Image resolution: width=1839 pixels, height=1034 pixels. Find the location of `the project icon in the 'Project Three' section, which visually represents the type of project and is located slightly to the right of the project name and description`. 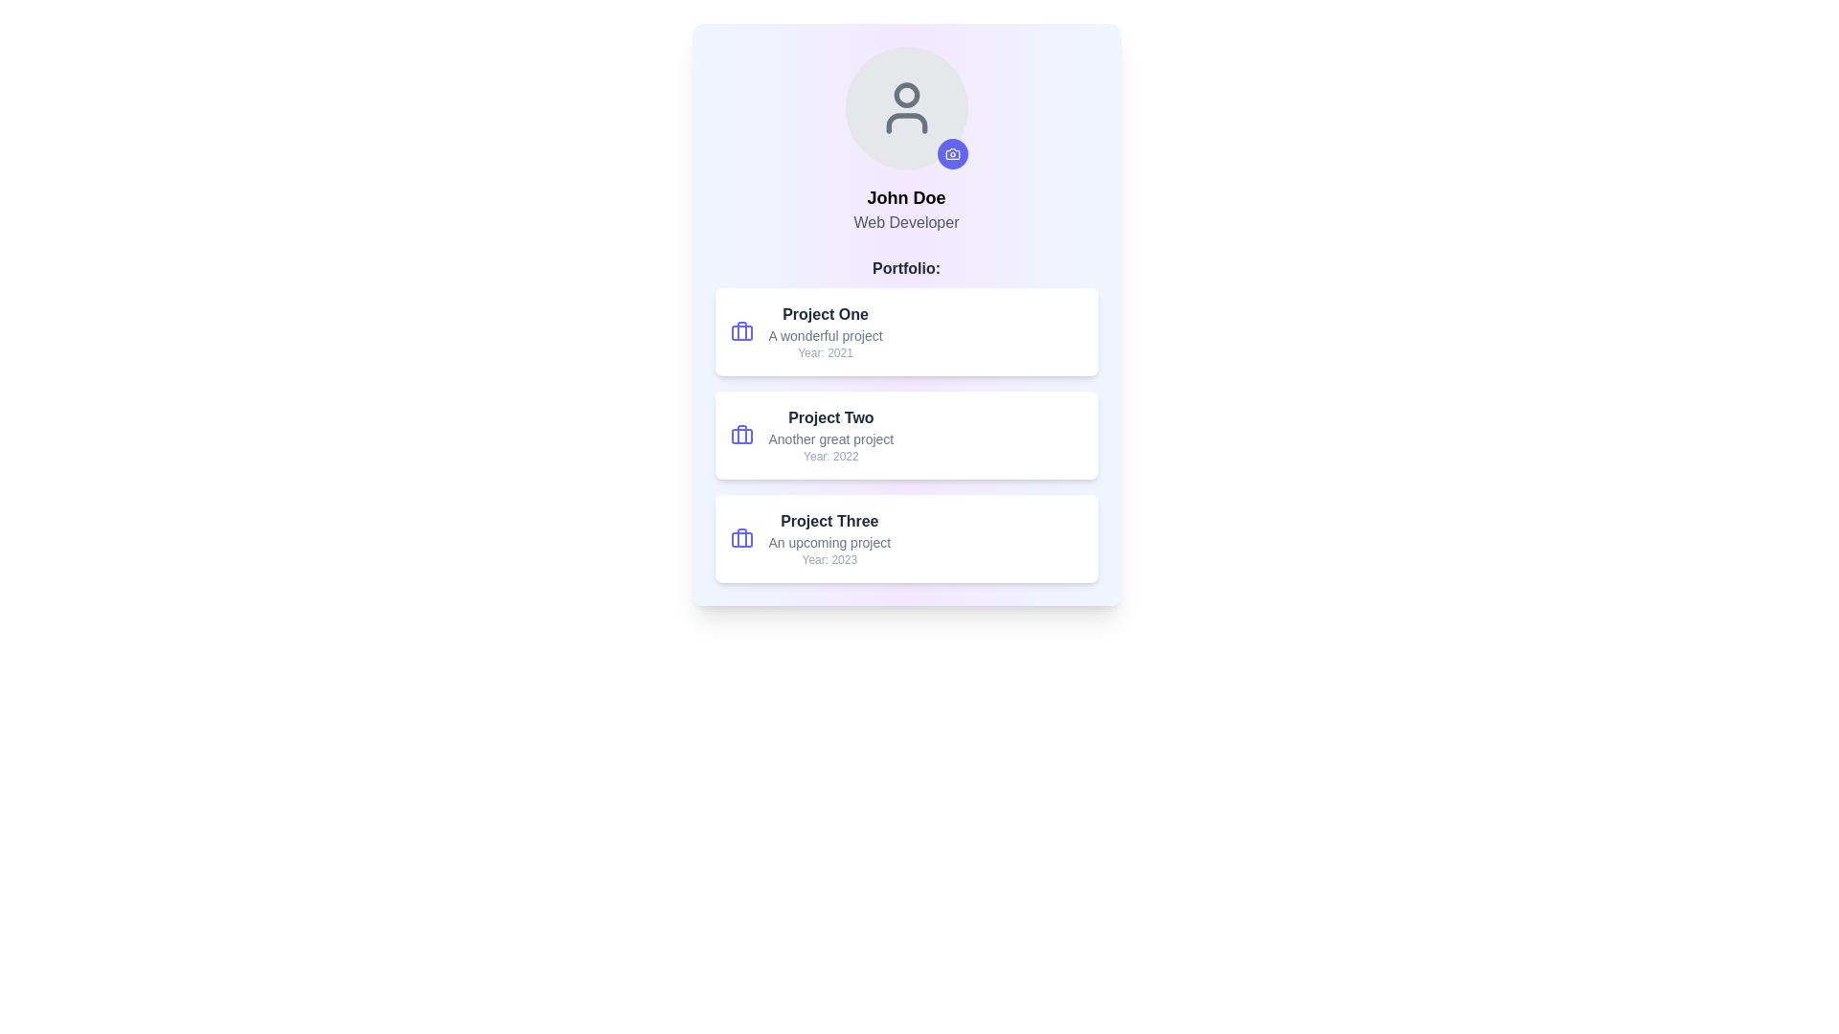

the project icon in the 'Project Three' section, which visually represents the type of project and is located slightly to the right of the project name and description is located at coordinates (740, 539).